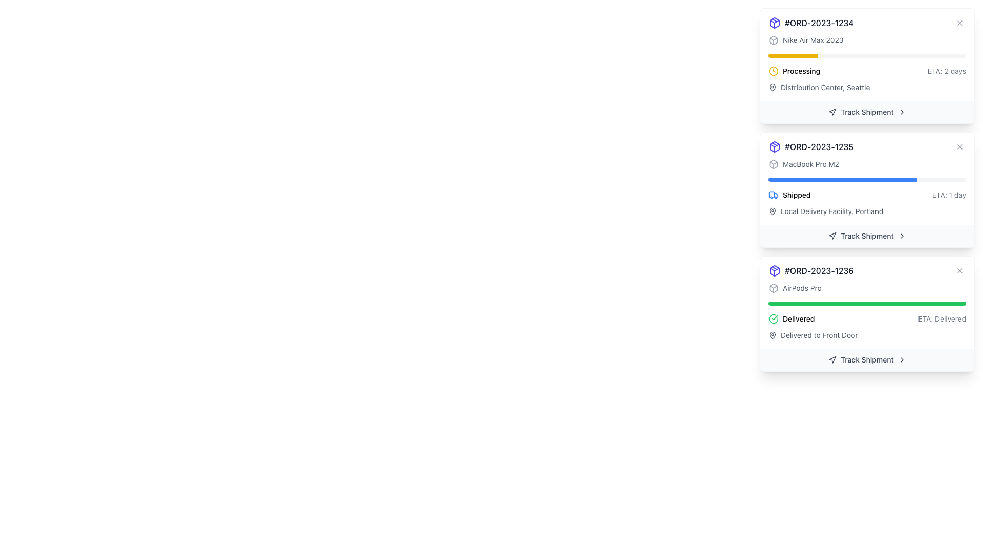 The width and height of the screenshot is (983, 553). Describe the element at coordinates (774, 270) in the screenshot. I see `the blue outlined package icon located at the top-left corner of the card with the heading '#ORD-2023-1235'` at that location.